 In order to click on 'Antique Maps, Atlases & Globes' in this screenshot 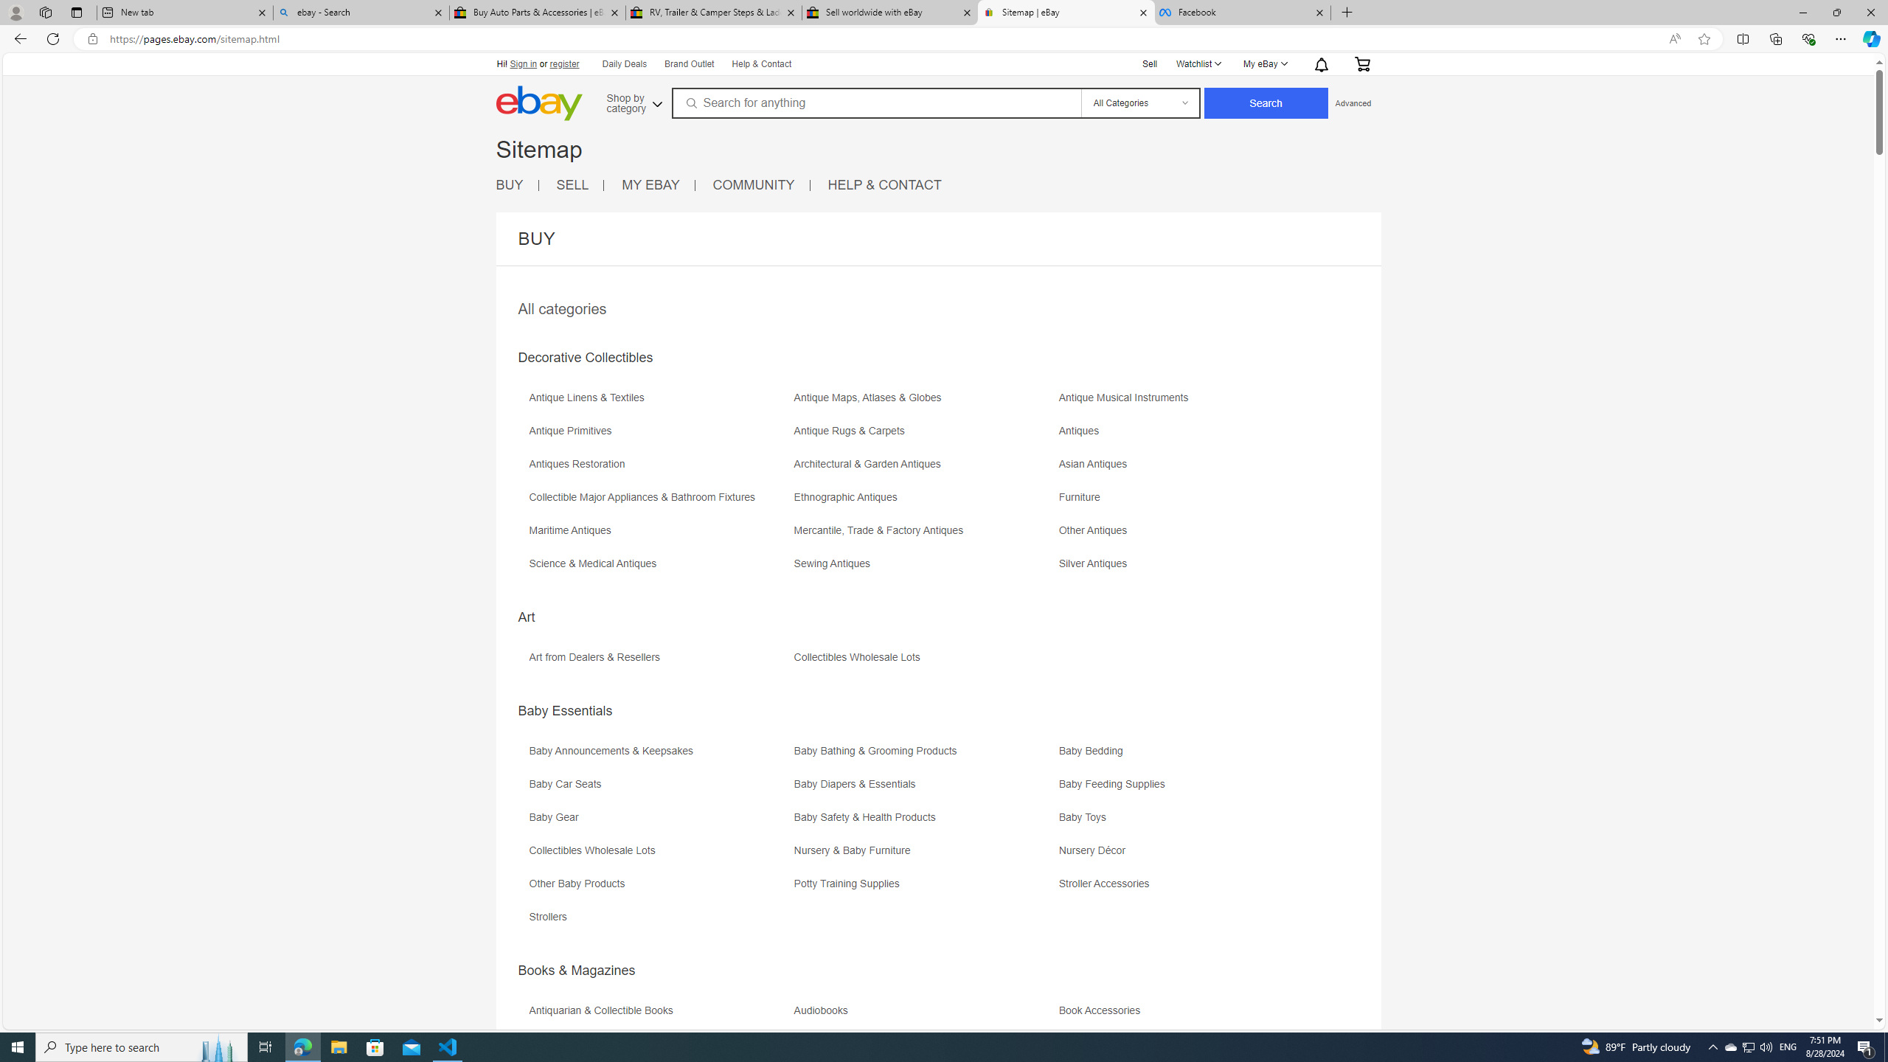, I will do `click(871, 398)`.